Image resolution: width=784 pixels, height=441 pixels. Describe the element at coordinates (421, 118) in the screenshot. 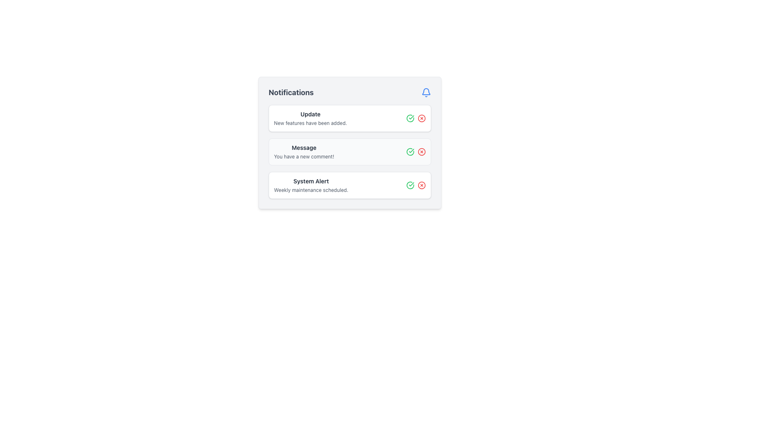

I see `the action indicator icon located on the right side of the 'Update' section within the notification list` at that location.